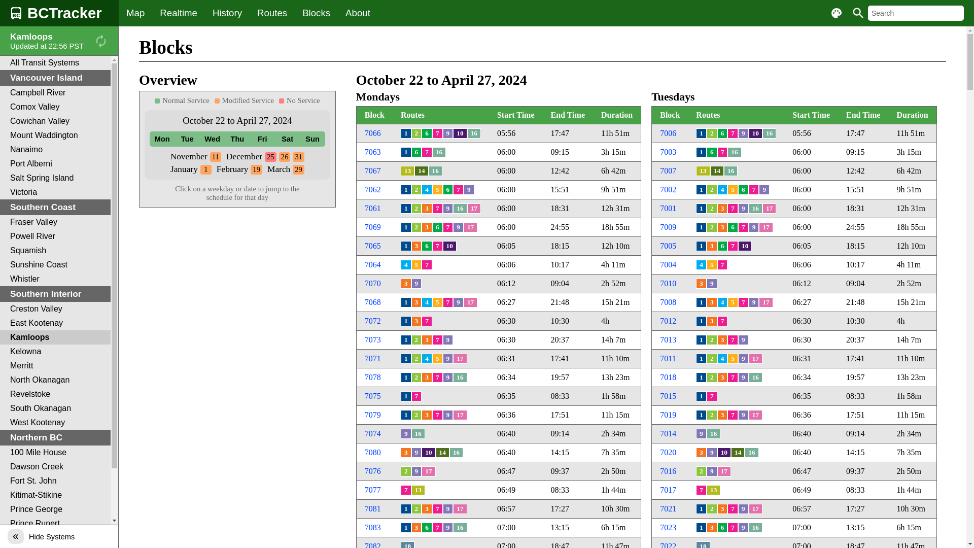  What do you see at coordinates (0, 62) in the screenshot?
I see `'All Transit Systems'` at bounding box center [0, 62].